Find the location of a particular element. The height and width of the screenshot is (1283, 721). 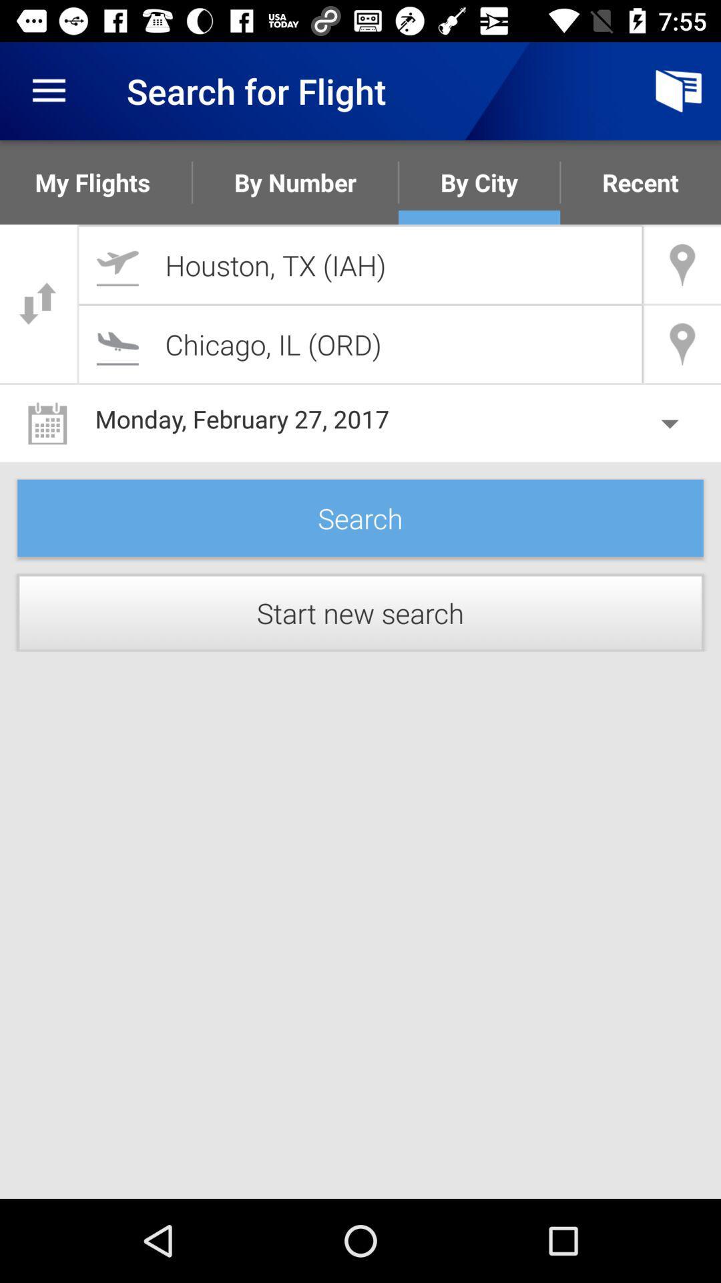

the location icon is located at coordinates (682, 265).